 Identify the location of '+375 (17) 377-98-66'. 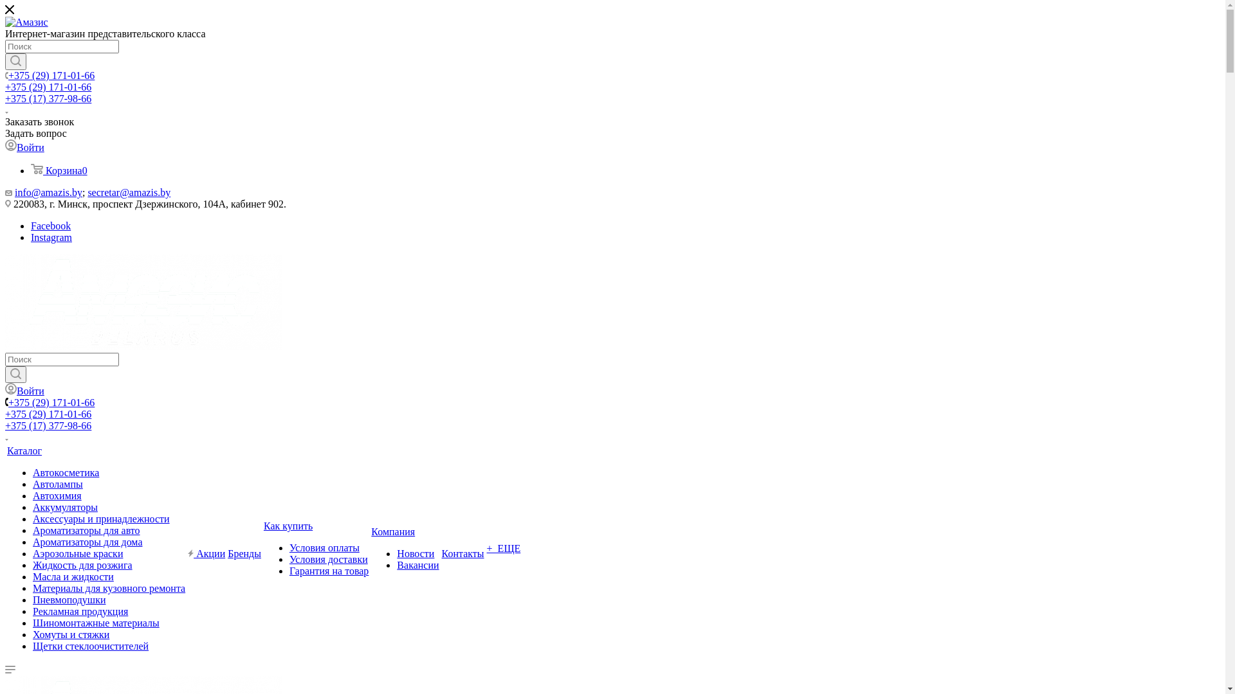
(48, 98).